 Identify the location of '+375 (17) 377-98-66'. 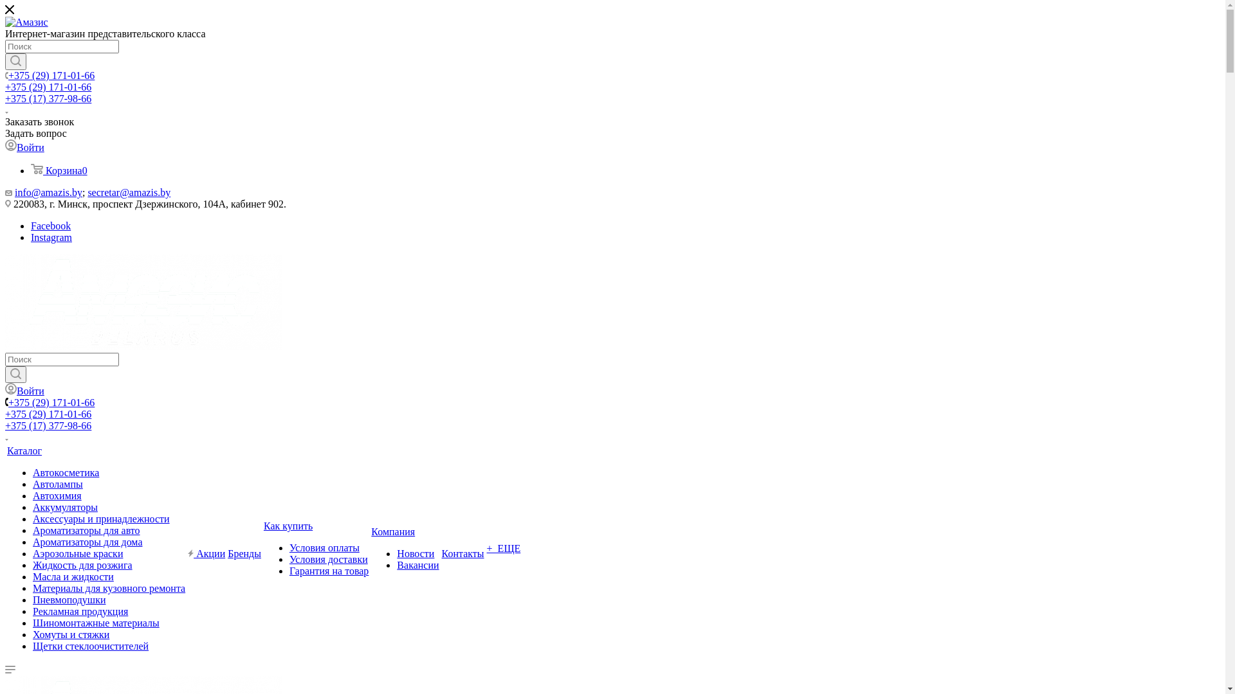
(48, 98).